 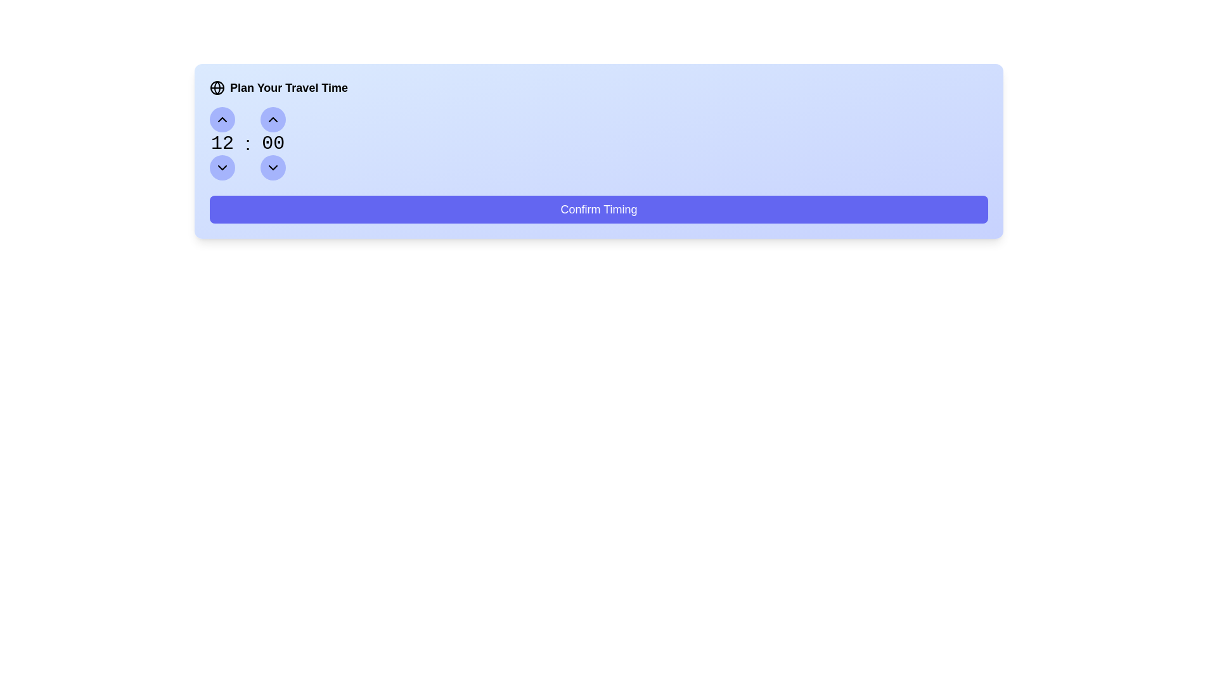 What do you see at coordinates (273, 143) in the screenshot?
I see `the text display component that shows the number '00' in a monospaced font style, located to the left of the up and down arrow buttons` at bounding box center [273, 143].